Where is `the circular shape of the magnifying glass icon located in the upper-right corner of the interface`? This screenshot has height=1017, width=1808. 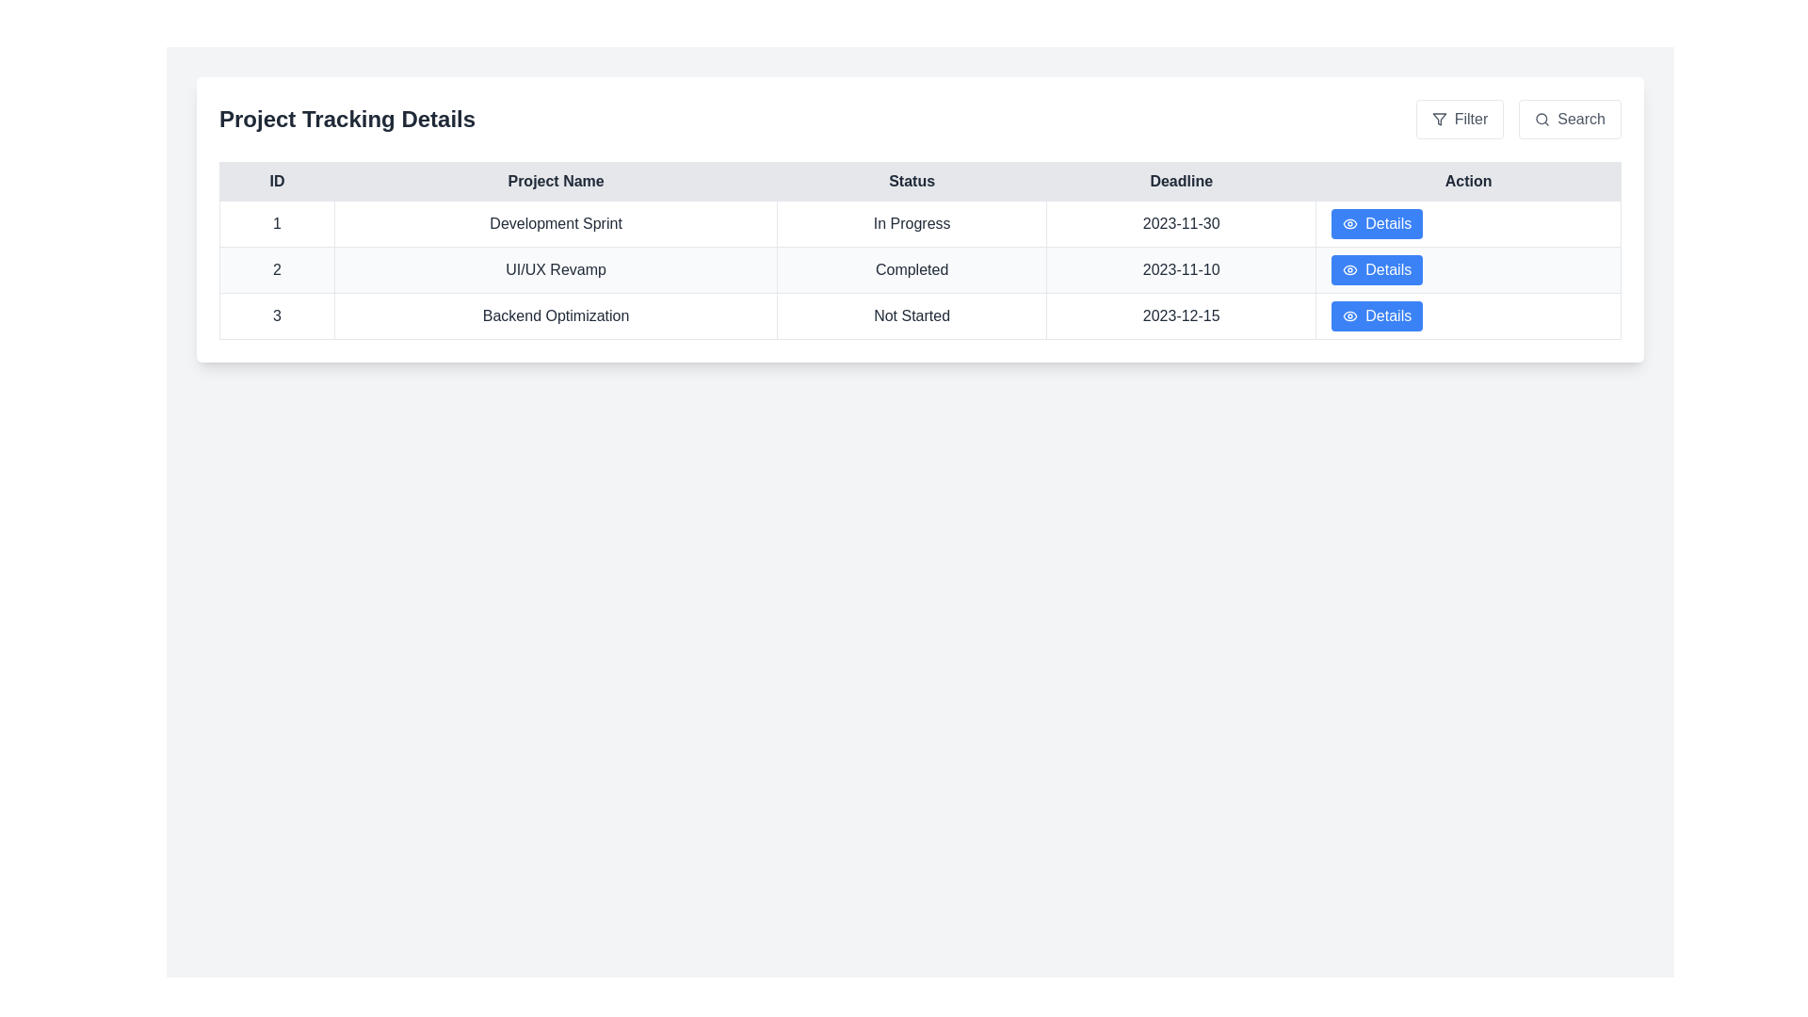
the circular shape of the magnifying glass icon located in the upper-right corner of the interface is located at coordinates (1542, 119).